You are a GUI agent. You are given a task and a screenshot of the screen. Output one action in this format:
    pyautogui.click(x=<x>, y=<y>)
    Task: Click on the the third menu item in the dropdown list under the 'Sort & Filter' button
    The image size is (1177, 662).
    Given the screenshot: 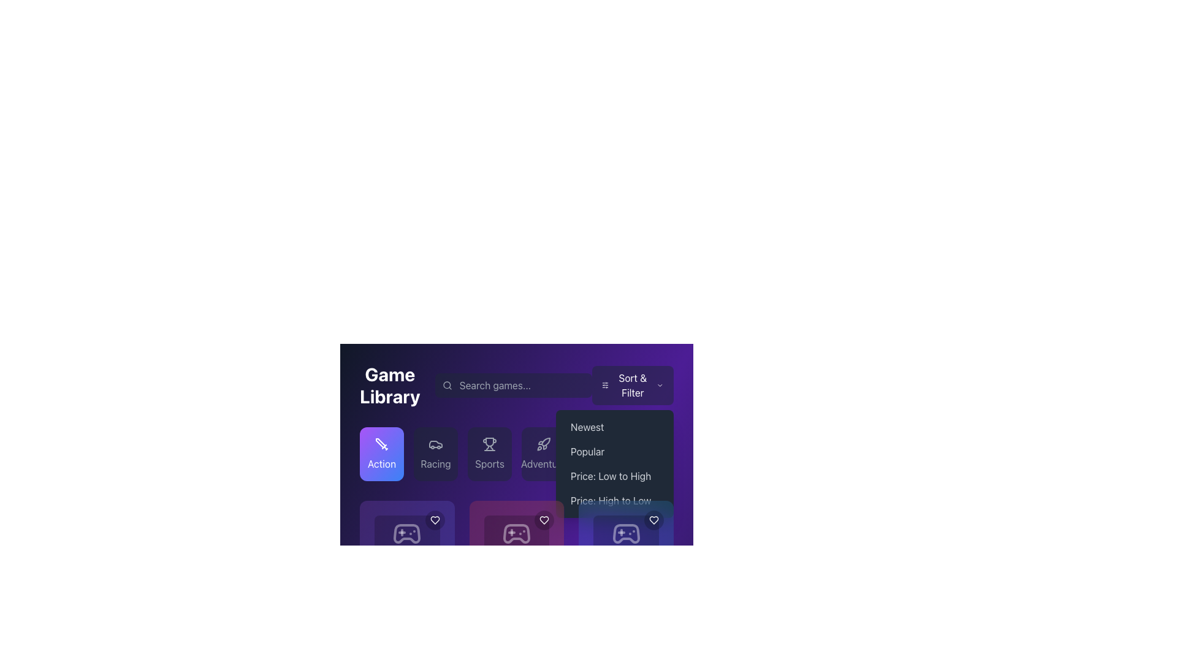 What is the action you would take?
    pyautogui.click(x=615, y=463)
    